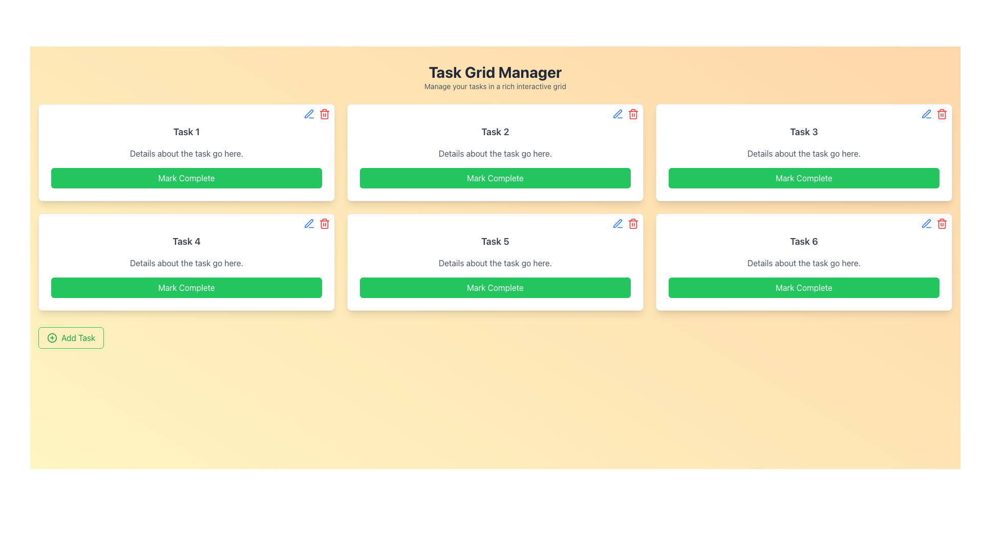 This screenshot has width=983, height=553. What do you see at coordinates (803, 132) in the screenshot?
I see `the 'Task 3' text element, which is prominently displayed in a gray color and bold typeface, located in the upper part of the third task card in the grid` at bounding box center [803, 132].